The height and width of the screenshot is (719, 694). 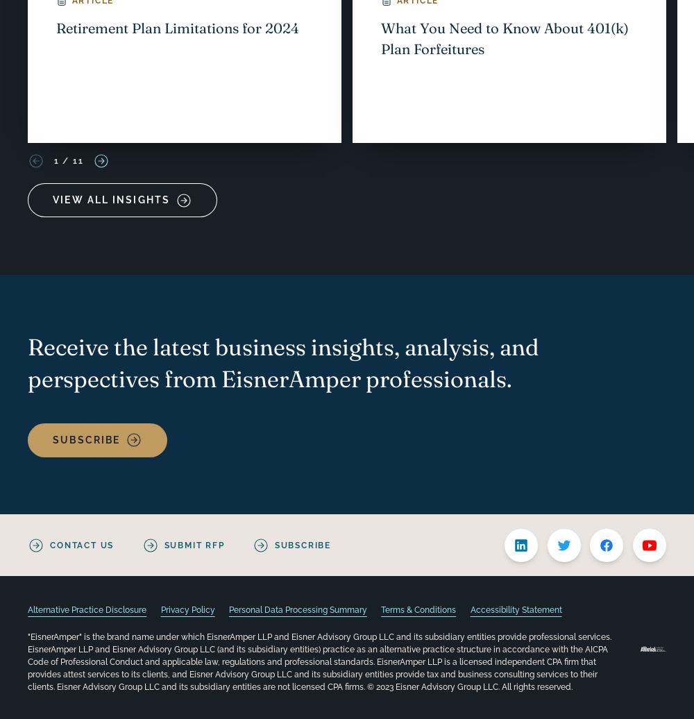 What do you see at coordinates (515, 610) in the screenshot?
I see `'Accessibility Statement'` at bounding box center [515, 610].